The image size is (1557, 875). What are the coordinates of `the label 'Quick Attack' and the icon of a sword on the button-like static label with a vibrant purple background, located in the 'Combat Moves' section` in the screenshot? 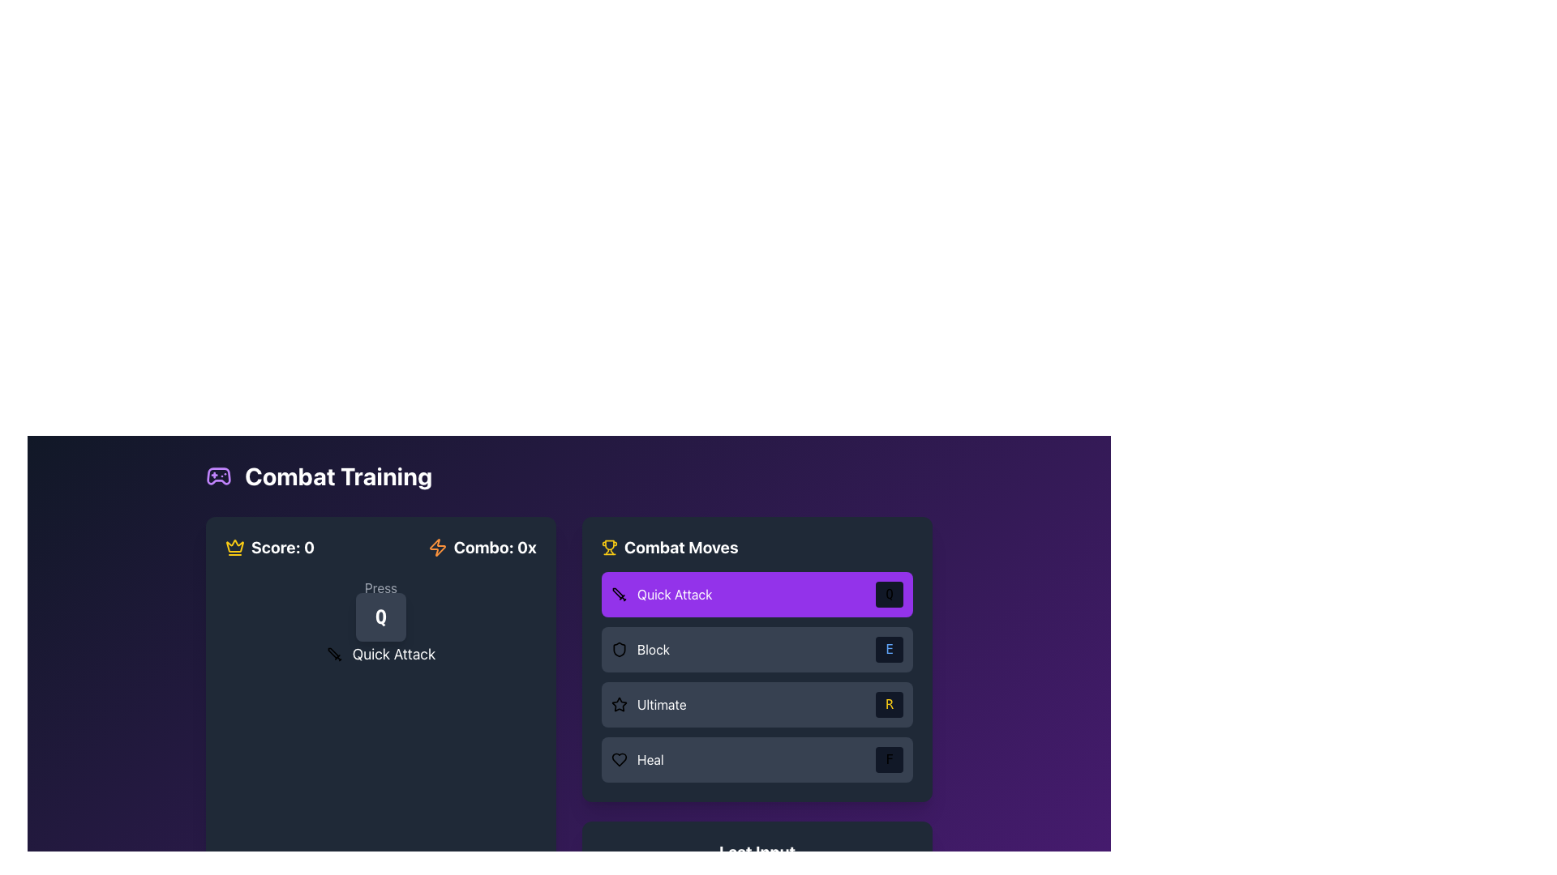 It's located at (662, 594).